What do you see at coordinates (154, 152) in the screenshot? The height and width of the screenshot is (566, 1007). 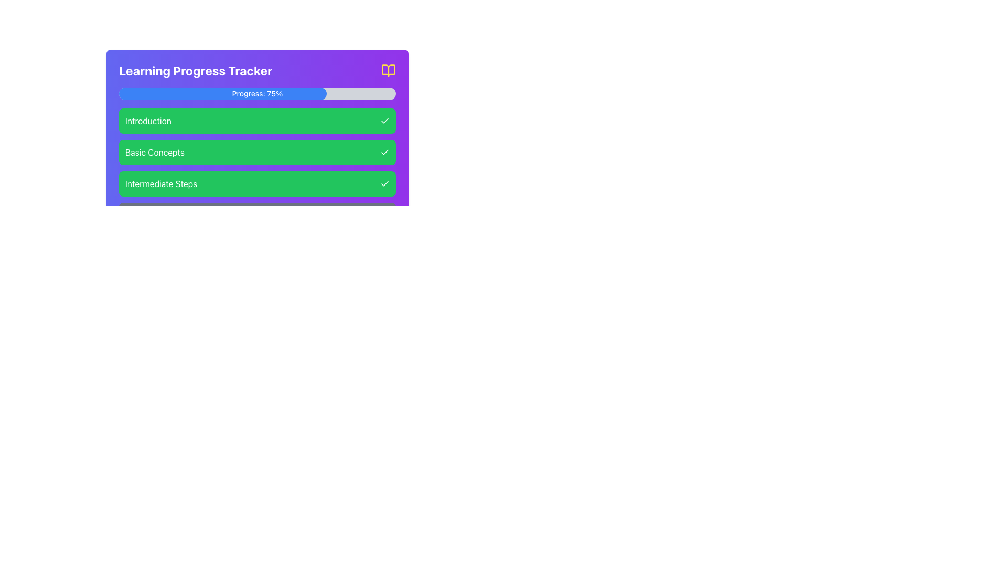 I see `the text label displaying 'Basic Concepts', which is centrally aligned within the second green section of the vertically stacked green list items` at bounding box center [154, 152].